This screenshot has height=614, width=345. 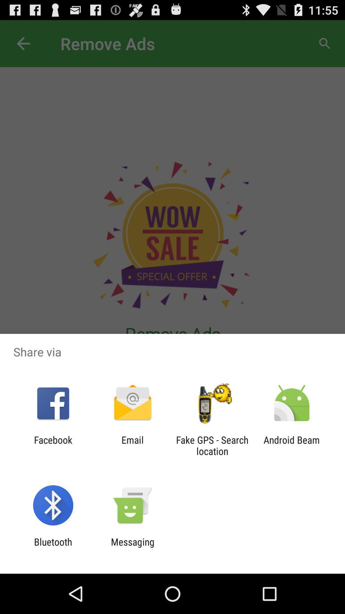 I want to click on item to the right of email item, so click(x=212, y=445).